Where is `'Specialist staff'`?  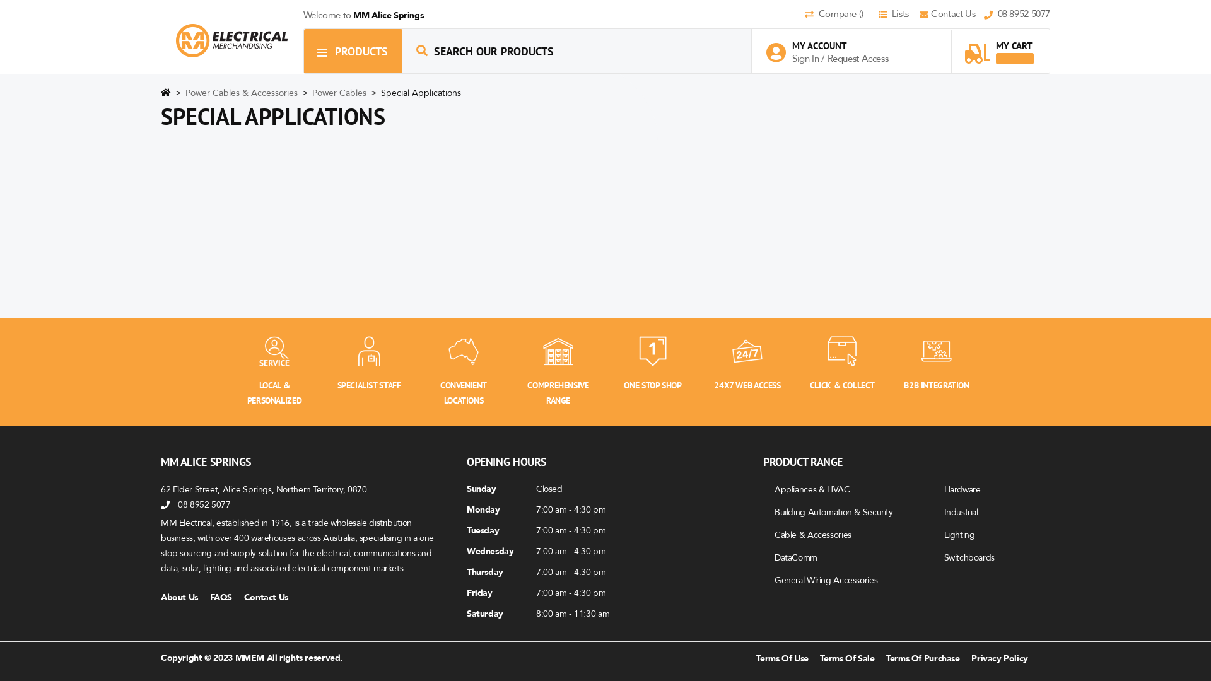 'Specialist staff' is located at coordinates (368, 350).